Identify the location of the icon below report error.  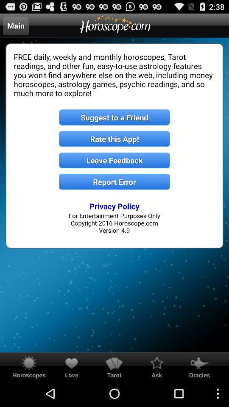
(114, 206).